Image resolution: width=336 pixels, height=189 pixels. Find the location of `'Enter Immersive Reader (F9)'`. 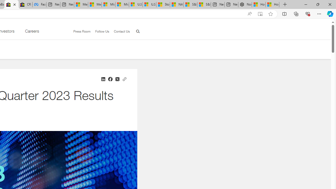

'Enter Immersive Reader (F9)' is located at coordinates (260, 14).